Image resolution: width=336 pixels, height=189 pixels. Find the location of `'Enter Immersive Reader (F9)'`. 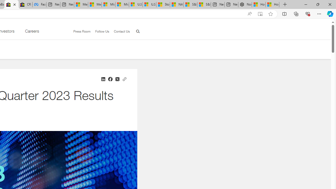

'Enter Immersive Reader (F9)' is located at coordinates (260, 14).